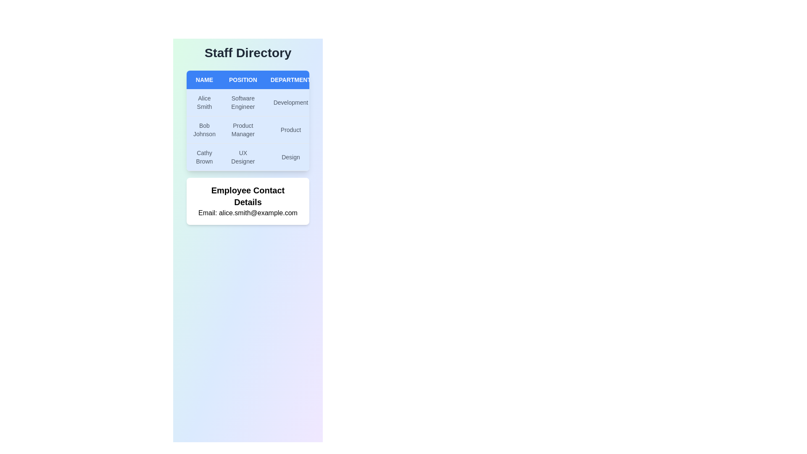 This screenshot has width=807, height=454. Describe the element at coordinates (248, 196) in the screenshot. I see `the Text Header that serves as a section title above the email information in the white card below the 'Staff Directory' table` at that location.